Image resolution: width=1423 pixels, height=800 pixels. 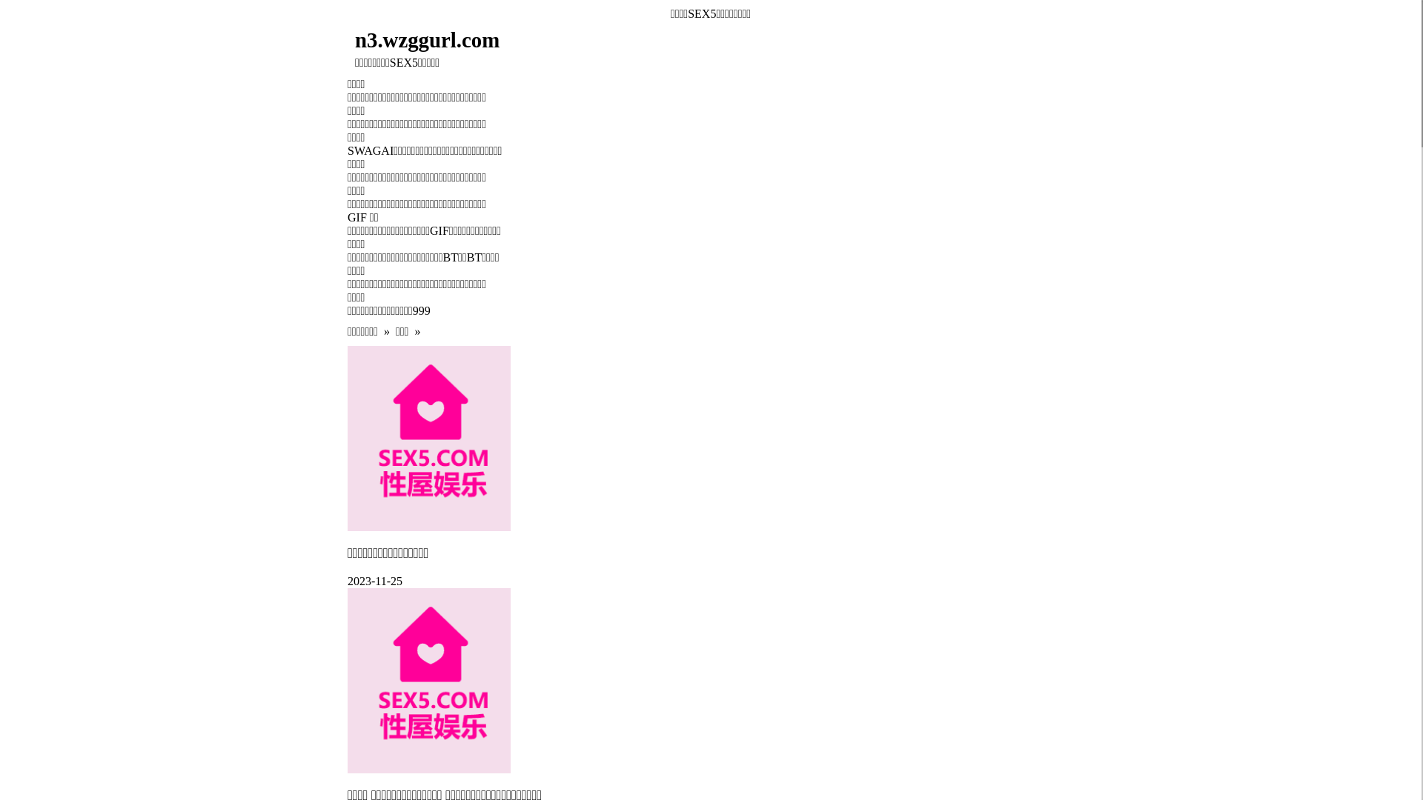 What do you see at coordinates (364, 150) in the screenshot?
I see `'SWAG'` at bounding box center [364, 150].